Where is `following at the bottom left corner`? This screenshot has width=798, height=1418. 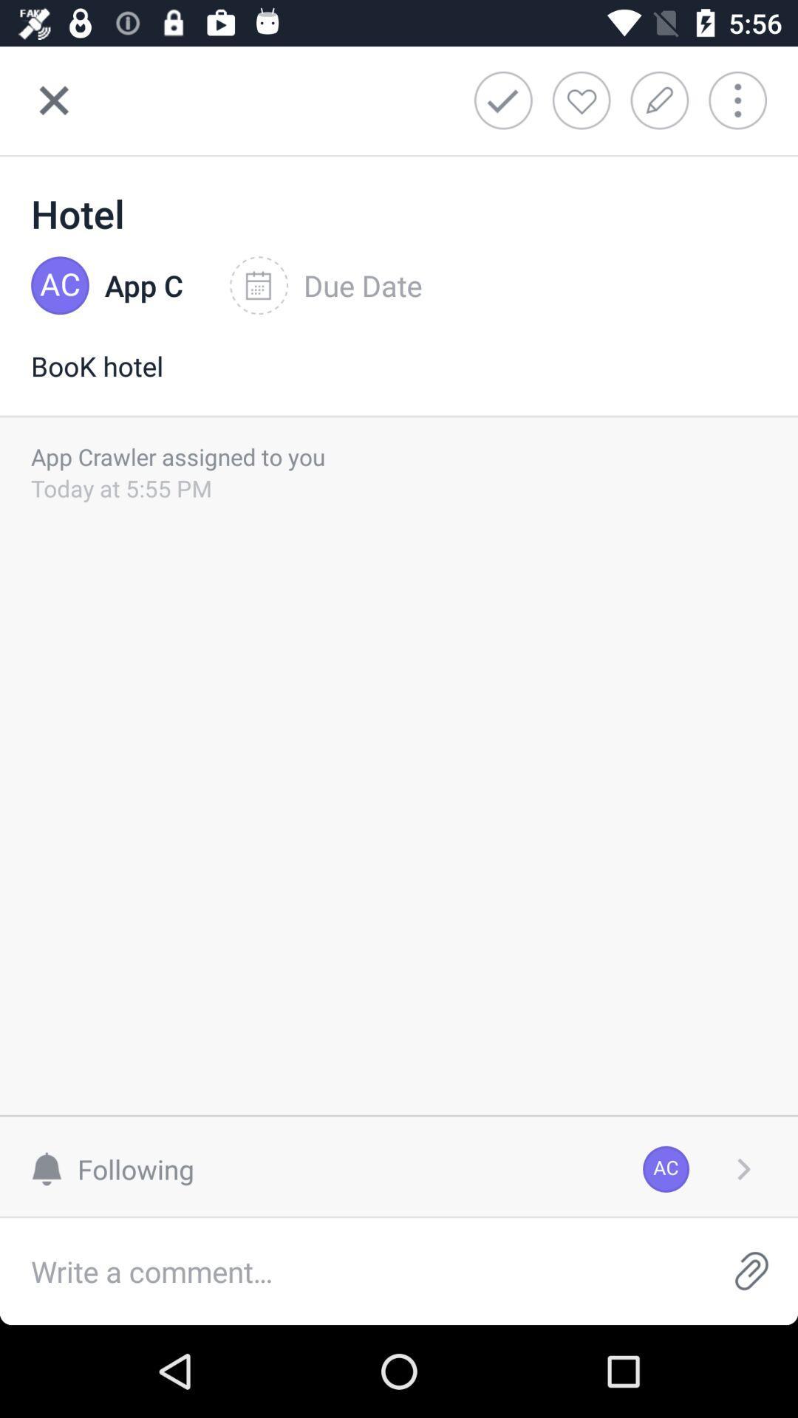 following at the bottom left corner is located at coordinates (119, 1168).